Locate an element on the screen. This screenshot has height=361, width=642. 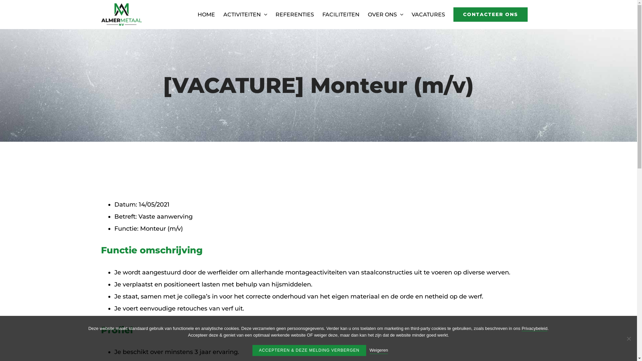
'HOME' is located at coordinates (197, 14).